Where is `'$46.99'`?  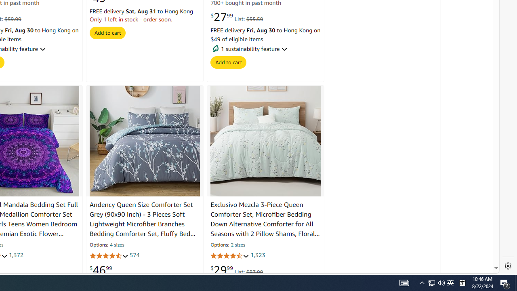
'$46.99' is located at coordinates (100, 270).